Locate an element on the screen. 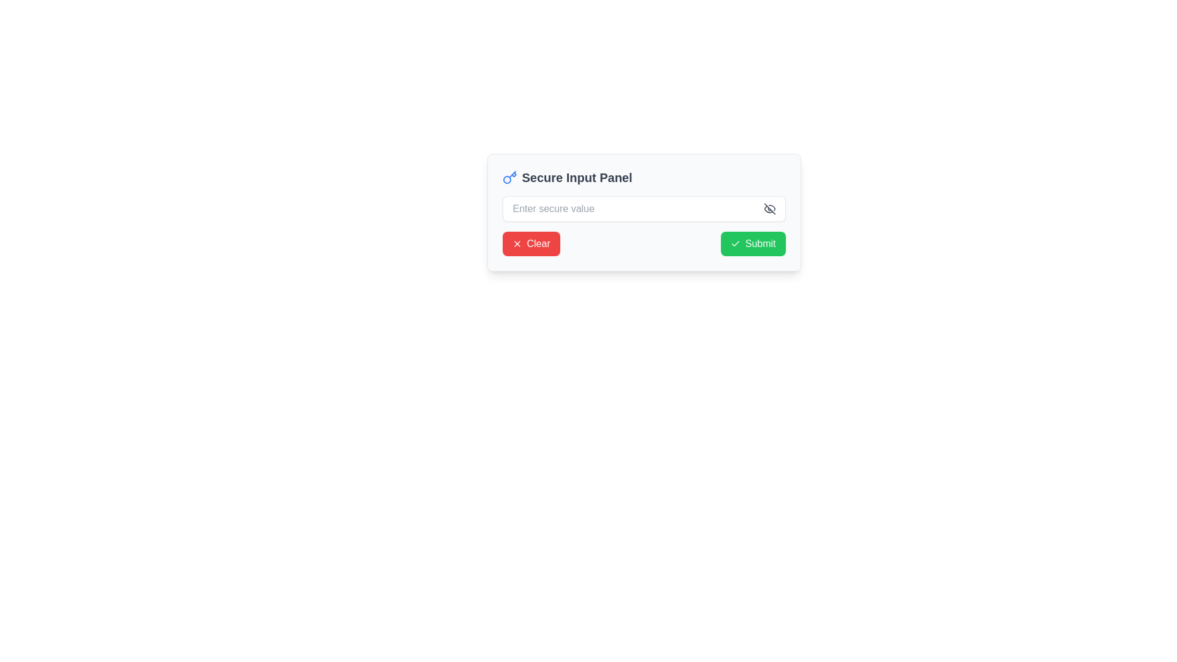 This screenshot has width=1177, height=662. the green 'Submit' button with rounded corners that has a checkmark icon is located at coordinates (752, 243).